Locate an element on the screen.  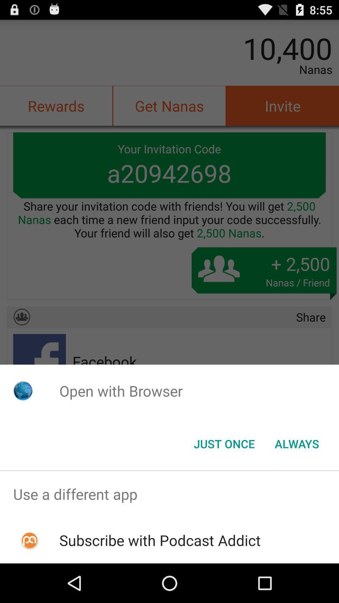
the app below open with browser icon is located at coordinates (297, 443).